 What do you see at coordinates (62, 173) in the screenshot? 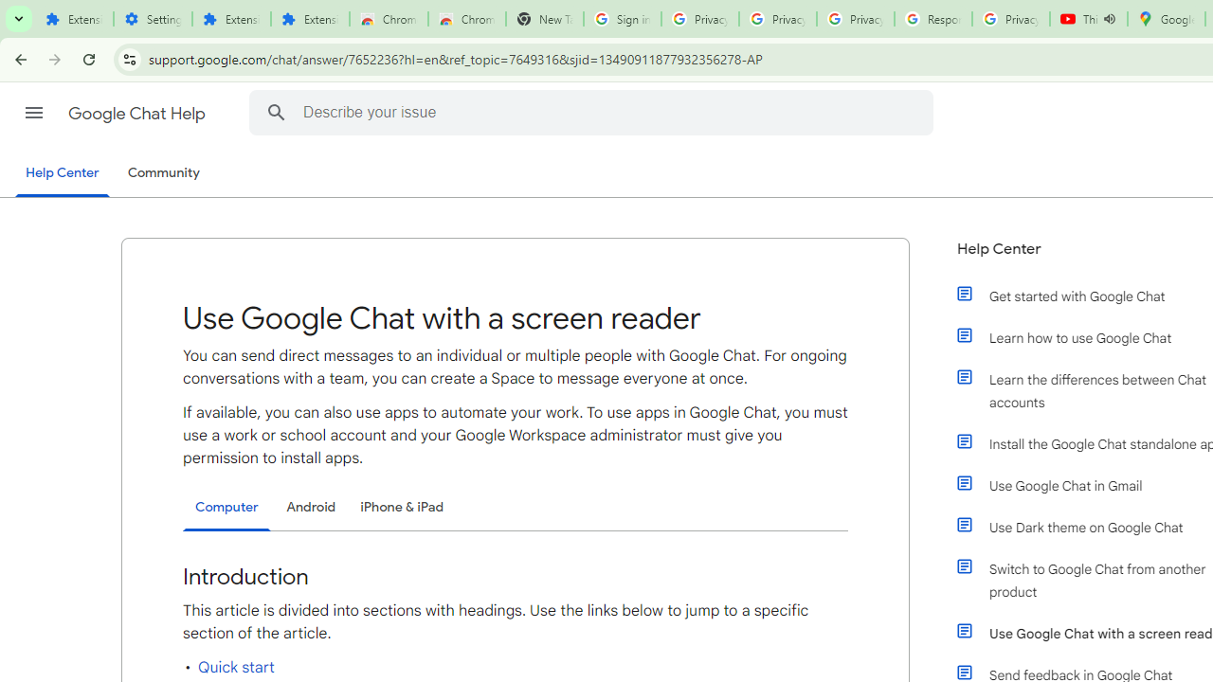
I see `'Help Center'` at bounding box center [62, 173].